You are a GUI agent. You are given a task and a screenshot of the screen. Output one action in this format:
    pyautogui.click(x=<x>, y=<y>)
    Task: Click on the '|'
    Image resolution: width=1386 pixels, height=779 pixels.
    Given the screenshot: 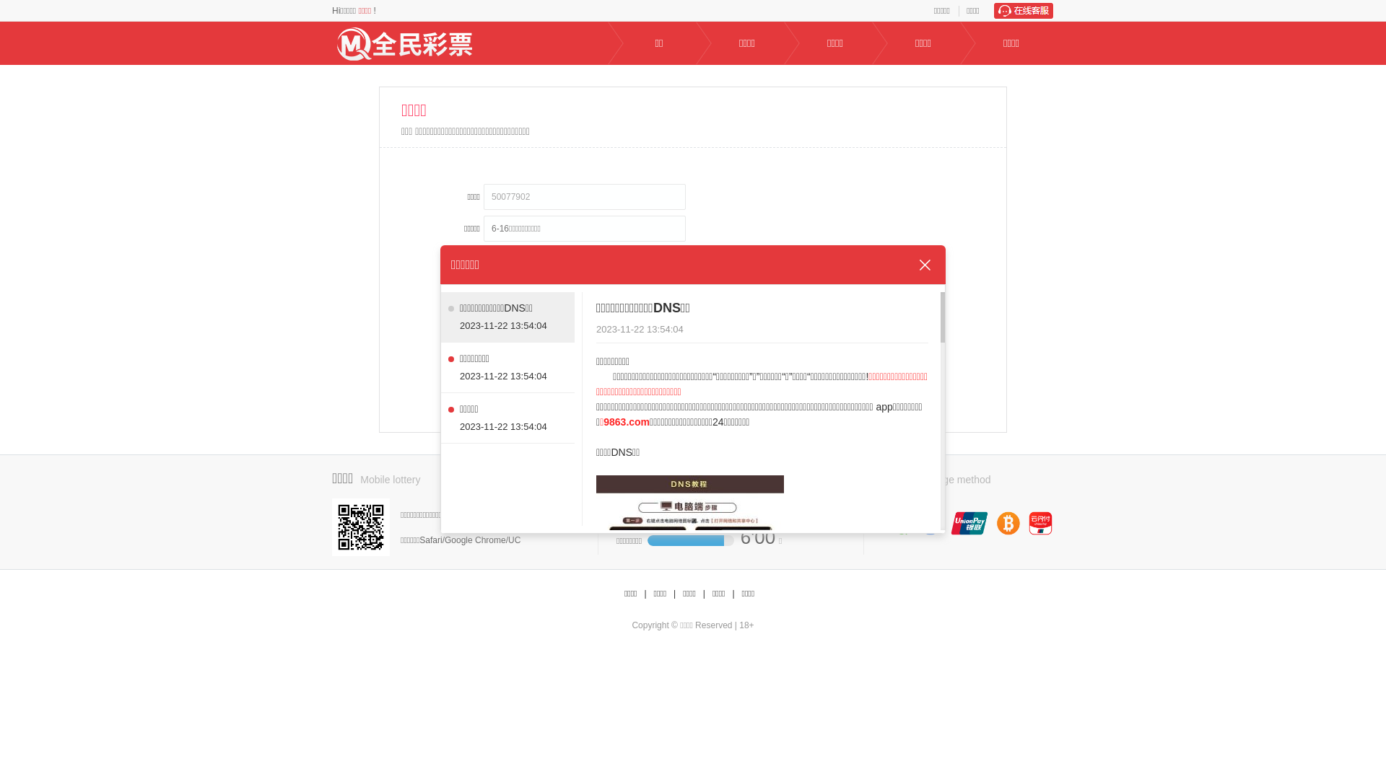 What is the action you would take?
    pyautogui.click(x=704, y=594)
    